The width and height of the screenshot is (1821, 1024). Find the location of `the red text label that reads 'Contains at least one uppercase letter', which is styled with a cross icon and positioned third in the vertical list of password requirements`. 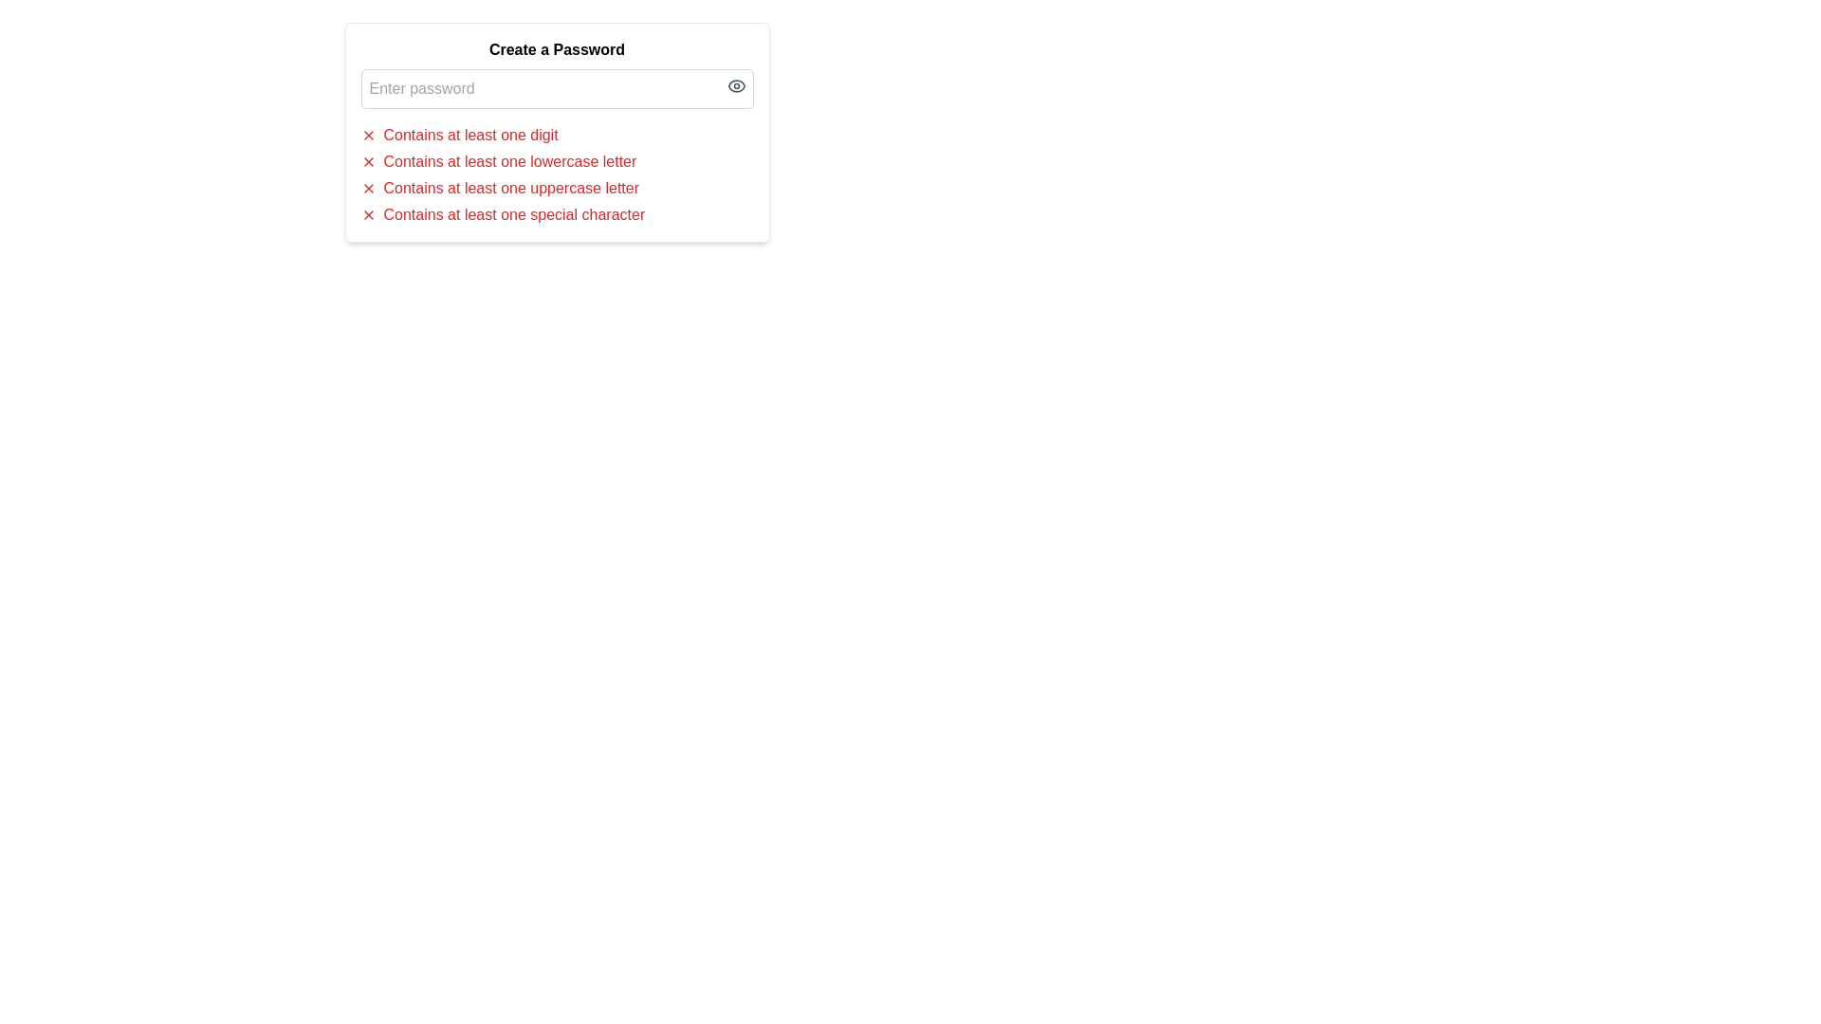

the red text label that reads 'Contains at least one uppercase letter', which is styled with a cross icon and positioned third in the vertical list of password requirements is located at coordinates (556, 189).